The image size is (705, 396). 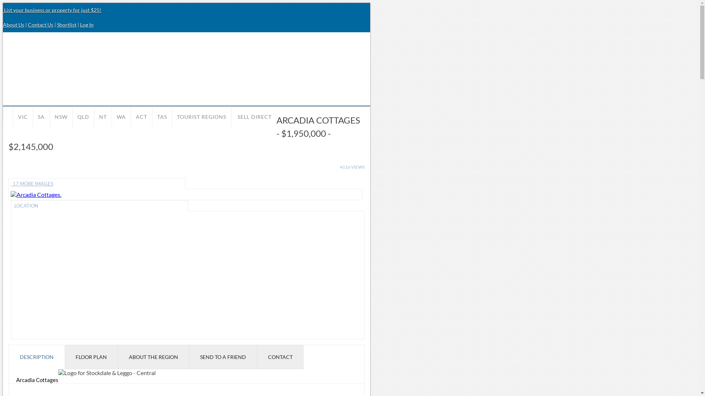 I want to click on ' SELL DIRECT', so click(x=254, y=116).